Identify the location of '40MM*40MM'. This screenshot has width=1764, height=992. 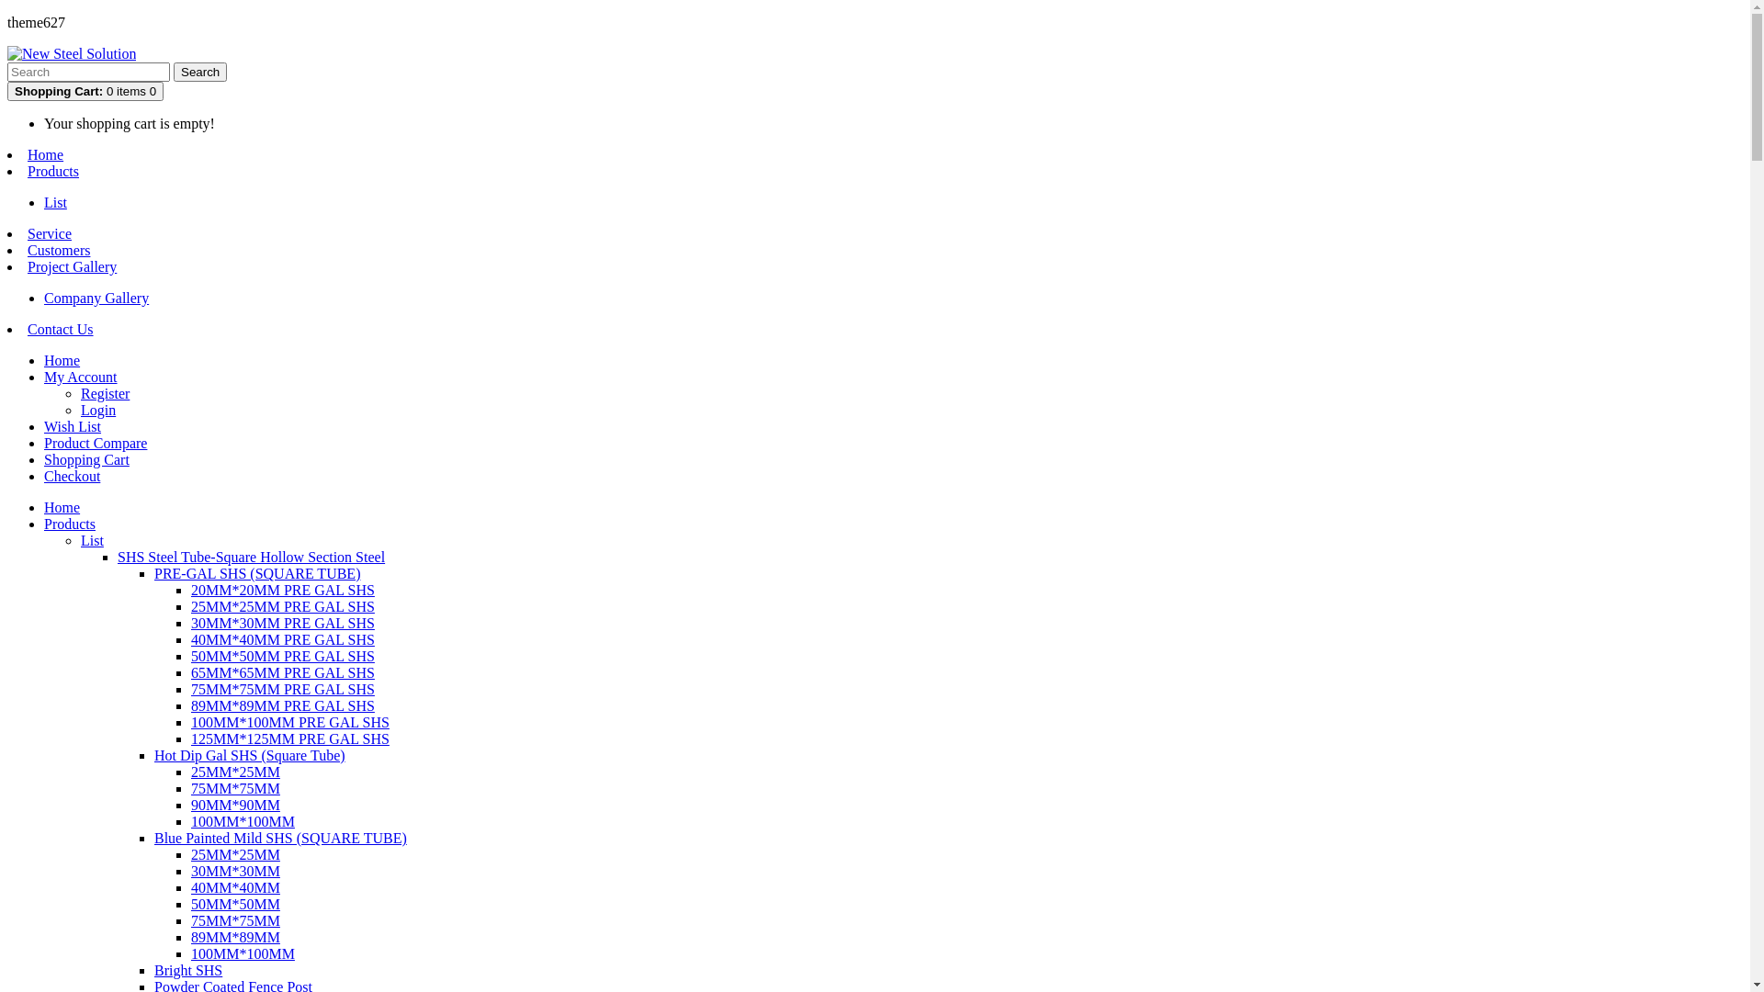
(234, 886).